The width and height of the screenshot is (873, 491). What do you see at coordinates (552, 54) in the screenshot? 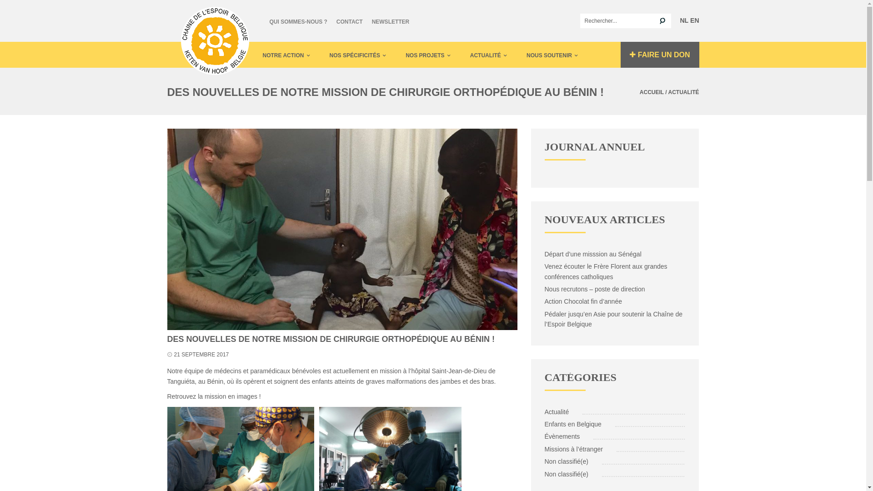
I see `'NOUS SOUTENIR'` at bounding box center [552, 54].